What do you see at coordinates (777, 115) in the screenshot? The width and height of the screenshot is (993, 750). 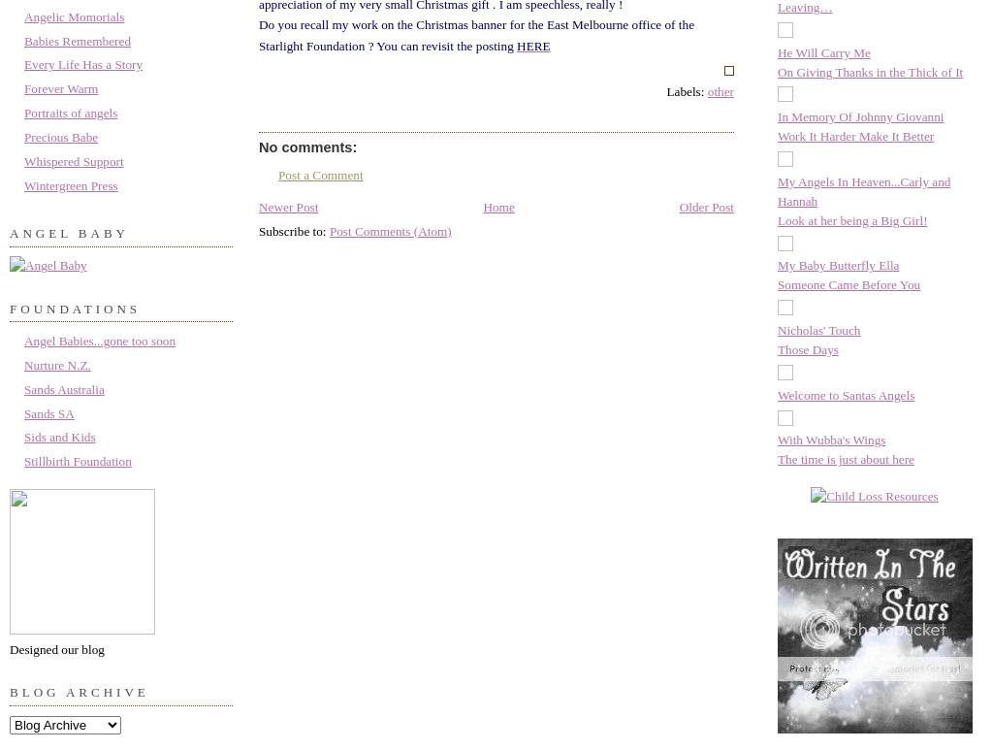 I see `'In Memory Of Johnny Giovanni'` at bounding box center [777, 115].